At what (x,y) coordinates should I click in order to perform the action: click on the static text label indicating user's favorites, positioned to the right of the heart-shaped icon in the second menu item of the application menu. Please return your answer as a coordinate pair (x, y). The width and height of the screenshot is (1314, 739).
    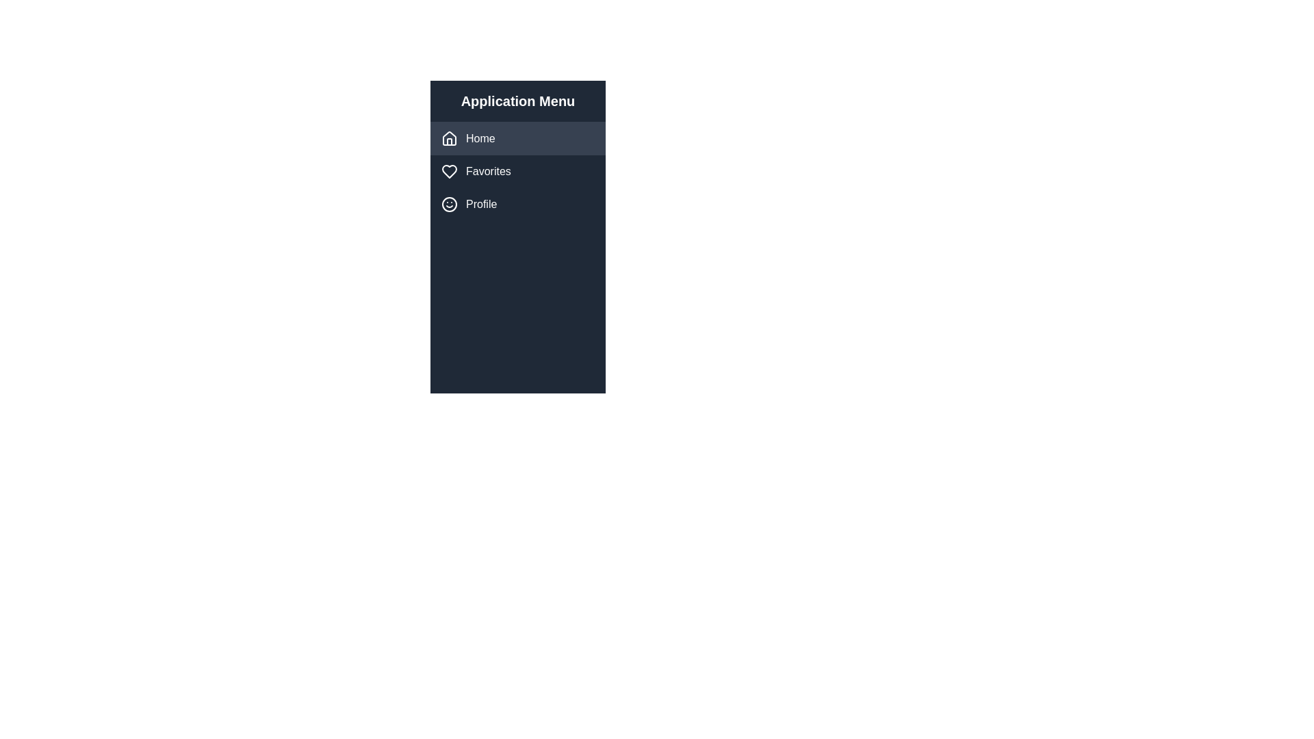
    Looking at the image, I should click on (488, 170).